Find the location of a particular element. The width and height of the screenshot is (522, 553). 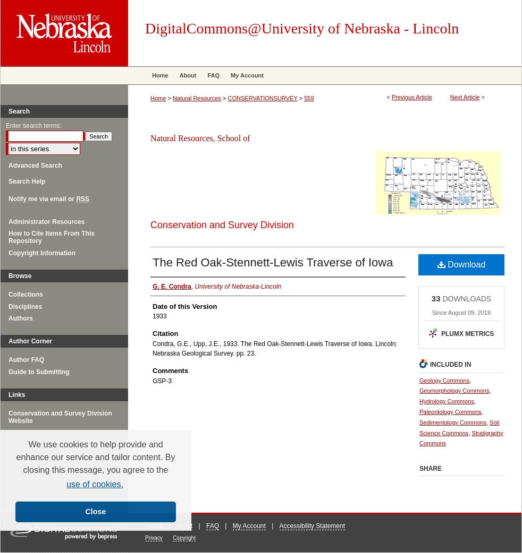

'Links' is located at coordinates (16, 394).